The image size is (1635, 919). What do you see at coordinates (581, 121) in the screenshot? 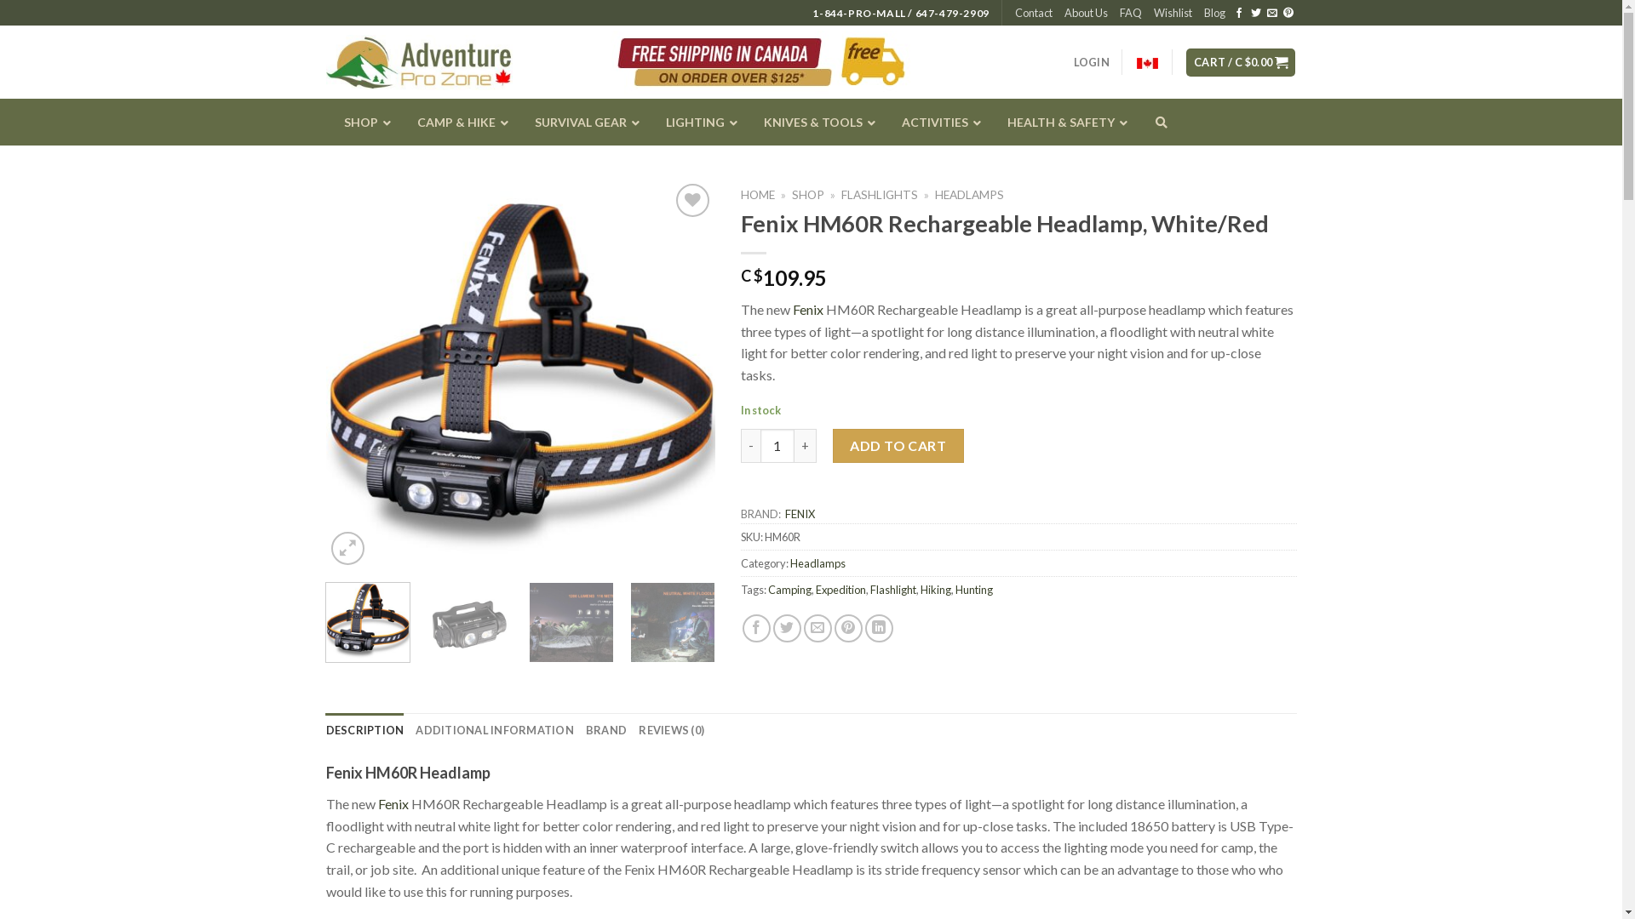
I see `'SURVIVAL GEAR'` at bounding box center [581, 121].